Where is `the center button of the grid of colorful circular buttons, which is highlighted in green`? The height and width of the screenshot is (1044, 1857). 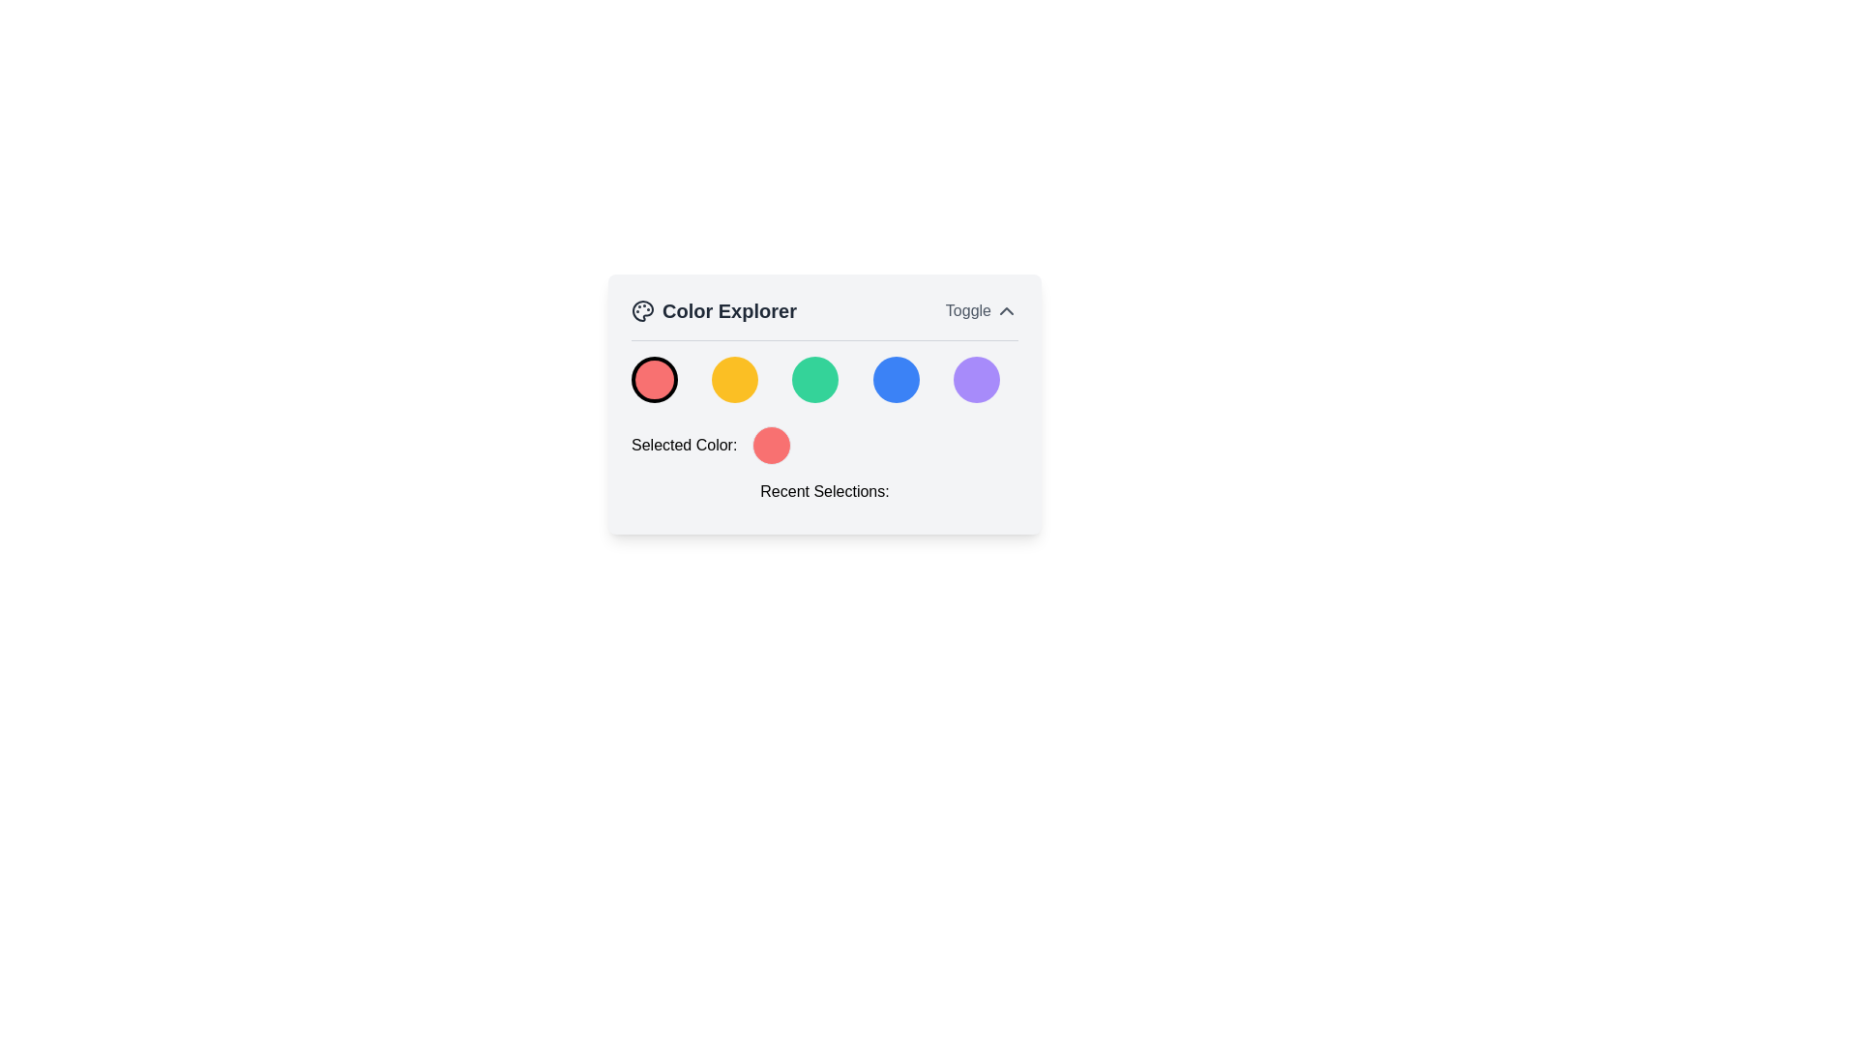 the center button of the grid of colorful circular buttons, which is highlighted in green is located at coordinates (825, 380).